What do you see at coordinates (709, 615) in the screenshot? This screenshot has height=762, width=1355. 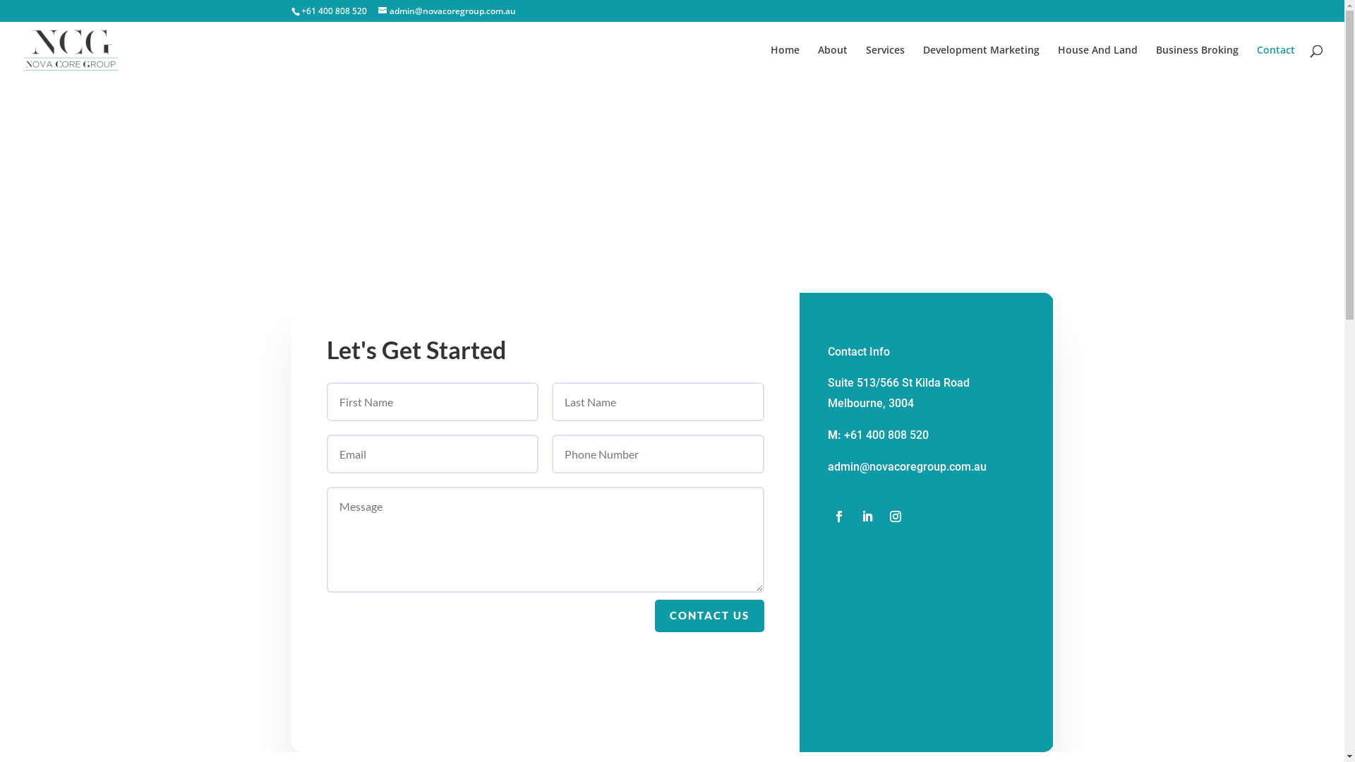 I see `'CONTACT US'` at bounding box center [709, 615].